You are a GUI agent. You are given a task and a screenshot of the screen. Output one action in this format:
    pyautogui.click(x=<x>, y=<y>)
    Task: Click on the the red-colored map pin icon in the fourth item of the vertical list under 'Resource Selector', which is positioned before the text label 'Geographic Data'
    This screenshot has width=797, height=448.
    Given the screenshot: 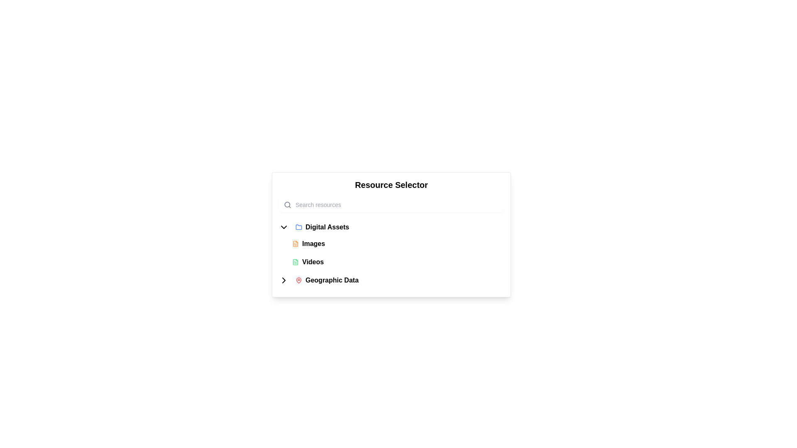 What is the action you would take?
    pyautogui.click(x=299, y=280)
    